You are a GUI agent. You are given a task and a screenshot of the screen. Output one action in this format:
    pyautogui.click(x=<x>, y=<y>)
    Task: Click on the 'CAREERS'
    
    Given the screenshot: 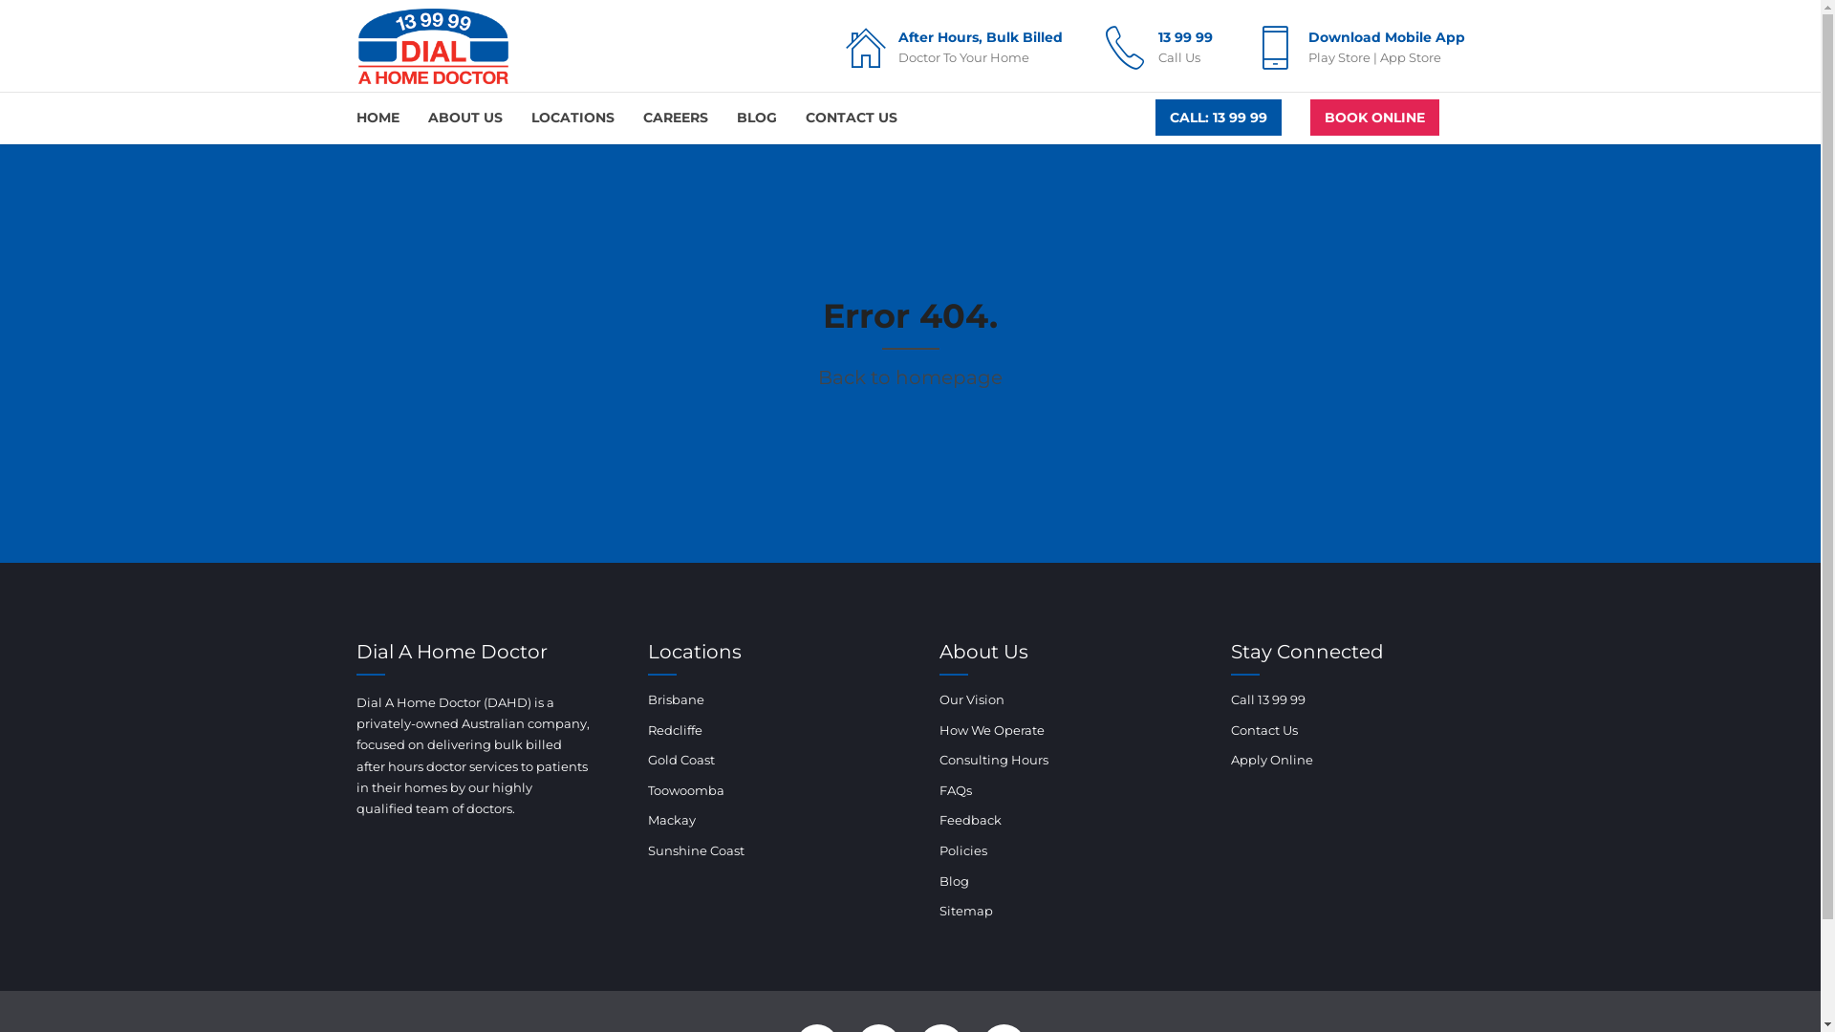 What is the action you would take?
    pyautogui.click(x=674, y=118)
    